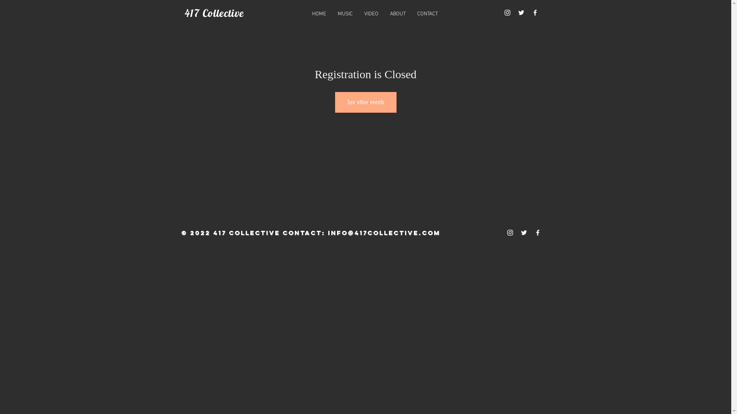 The width and height of the screenshot is (737, 414). What do you see at coordinates (319, 14) in the screenshot?
I see `'HOME'` at bounding box center [319, 14].